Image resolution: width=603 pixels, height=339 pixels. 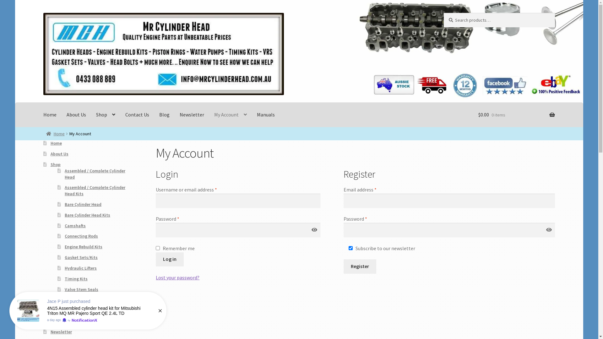 I want to click on 'Engine Rebuild Kits', so click(x=83, y=246).